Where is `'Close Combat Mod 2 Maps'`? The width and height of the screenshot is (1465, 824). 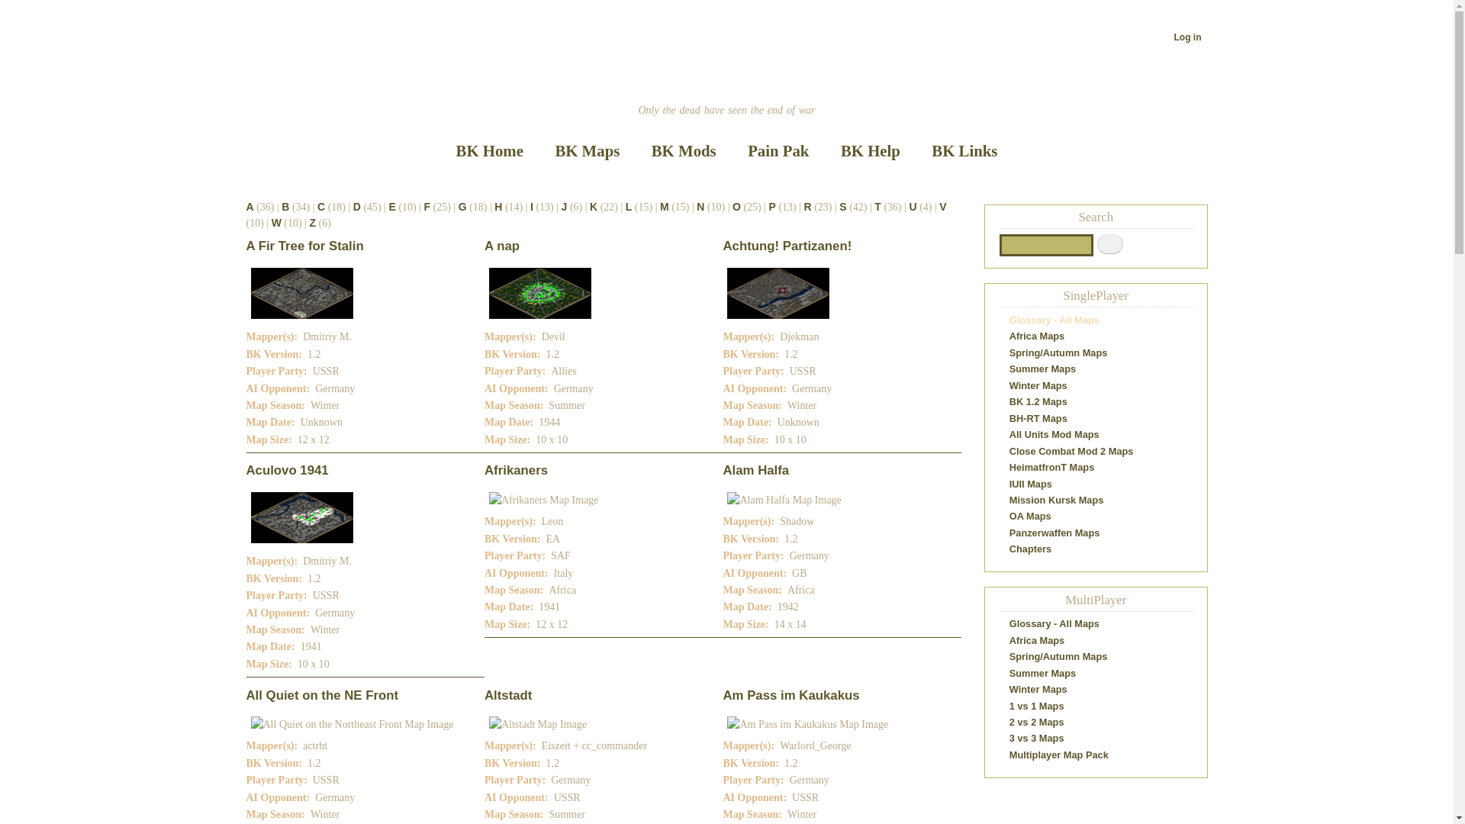 'Close Combat Mod 2 Maps' is located at coordinates (1009, 450).